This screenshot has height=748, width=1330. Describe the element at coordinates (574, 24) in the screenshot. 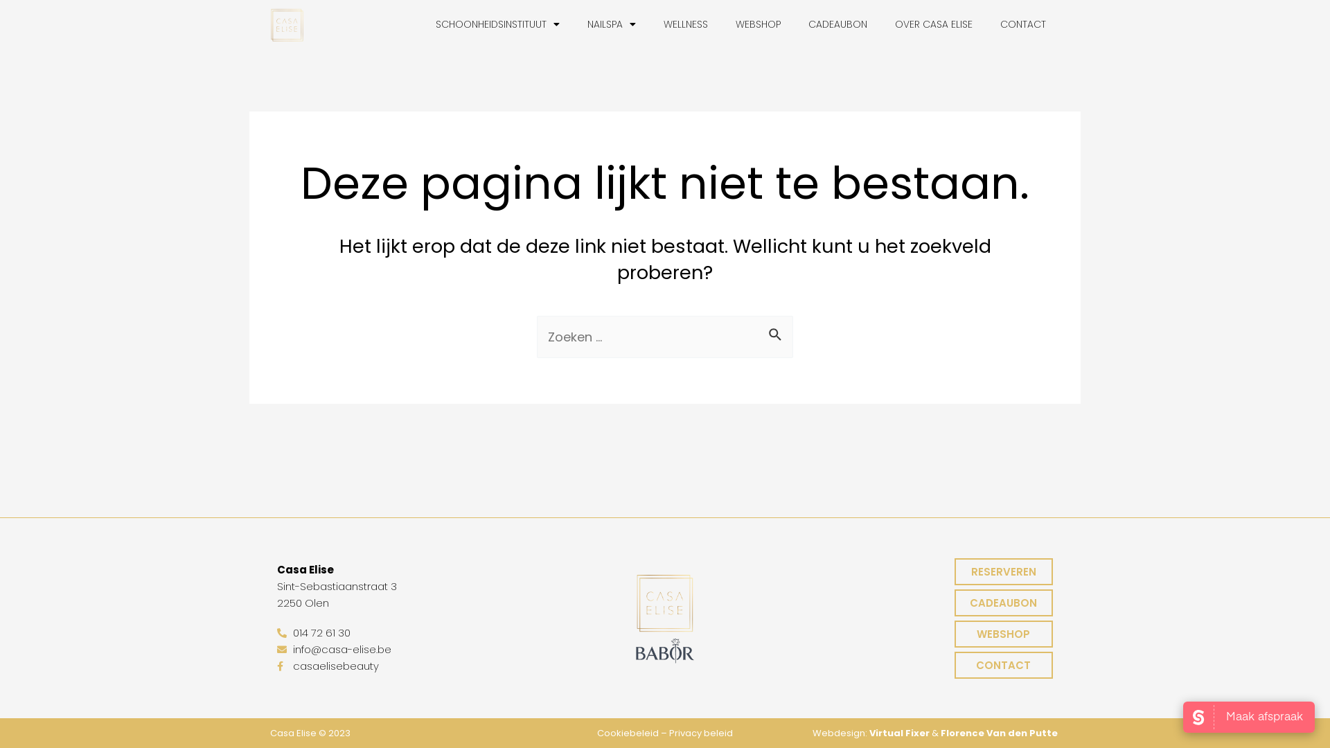

I see `'NAILSPA'` at that location.